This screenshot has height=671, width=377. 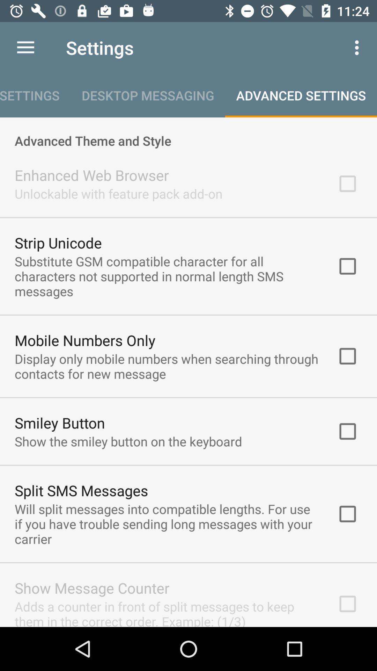 What do you see at coordinates (167, 276) in the screenshot?
I see `item below the strip unicode icon` at bounding box center [167, 276].